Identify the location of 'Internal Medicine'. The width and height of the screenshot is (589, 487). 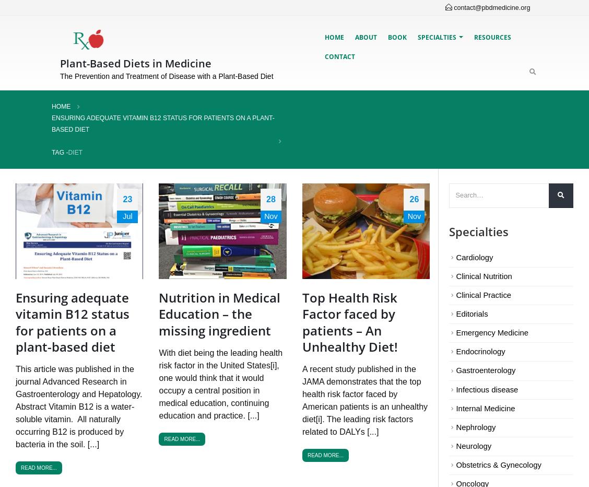
(485, 408).